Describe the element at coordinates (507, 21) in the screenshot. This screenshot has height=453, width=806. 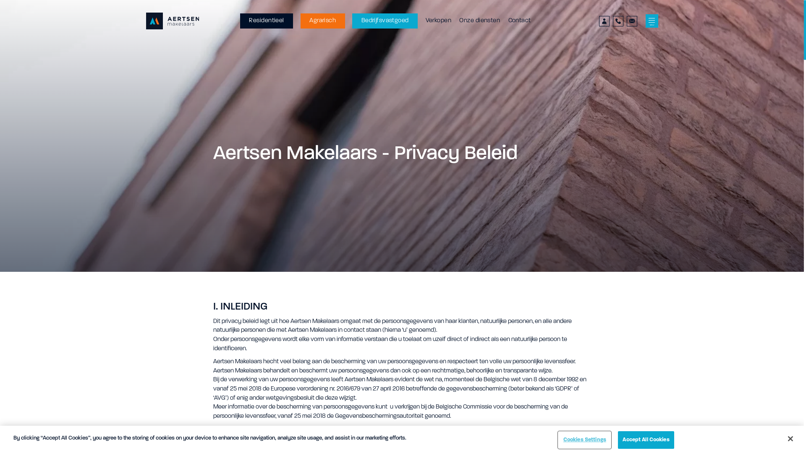
I see `'Contact'` at that location.